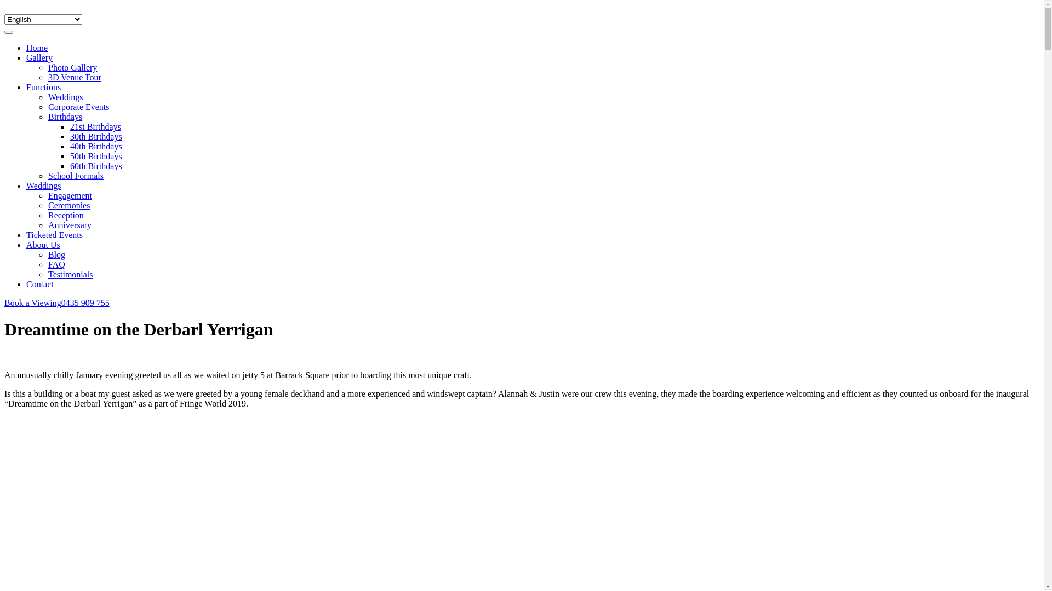 This screenshot has width=1052, height=591. What do you see at coordinates (47, 215) in the screenshot?
I see `'Reception'` at bounding box center [47, 215].